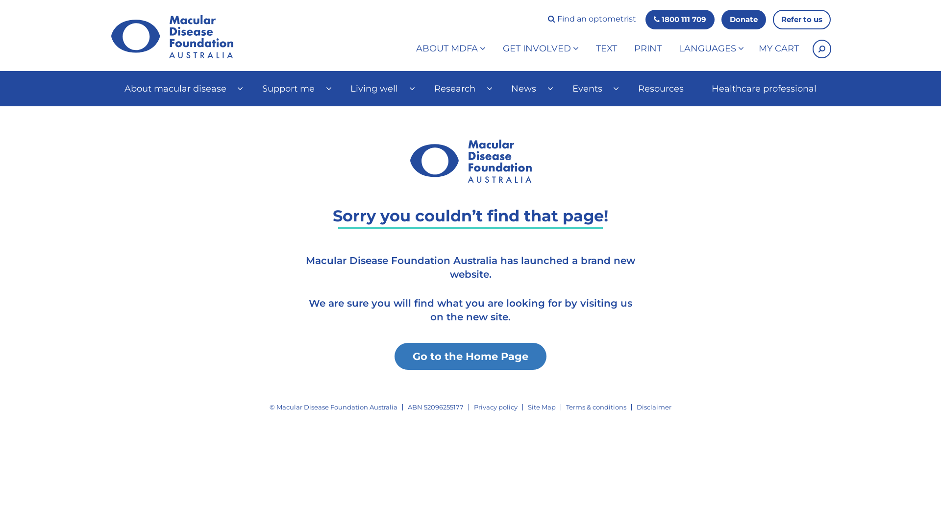  What do you see at coordinates (802, 19) in the screenshot?
I see `'Refer to us'` at bounding box center [802, 19].